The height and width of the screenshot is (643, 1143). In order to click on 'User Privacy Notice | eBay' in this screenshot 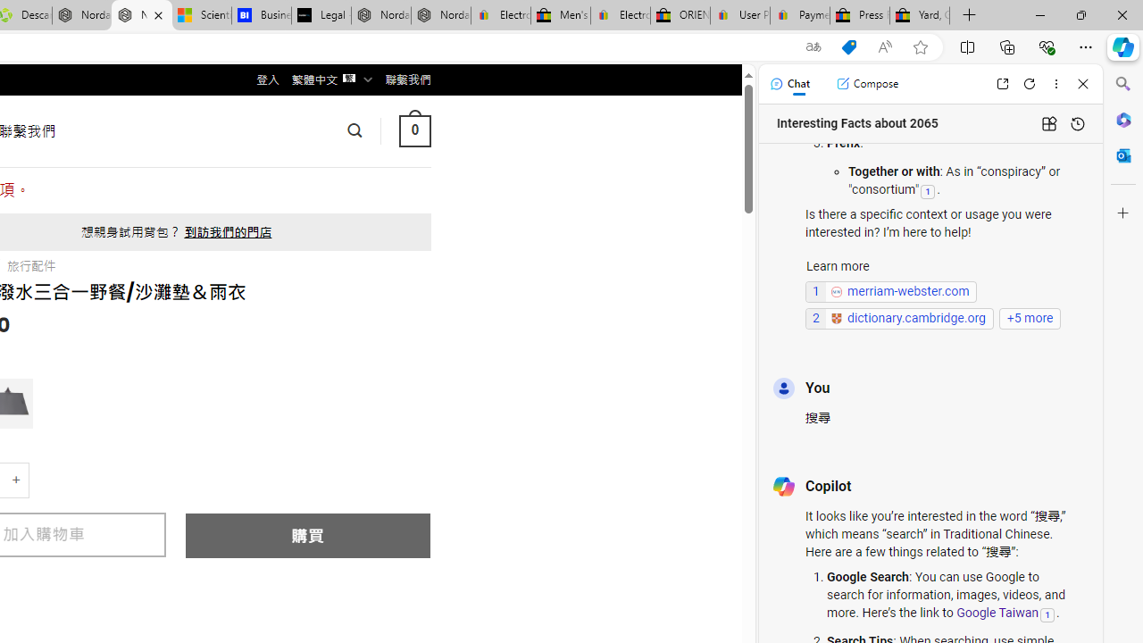, I will do `click(739, 15)`.